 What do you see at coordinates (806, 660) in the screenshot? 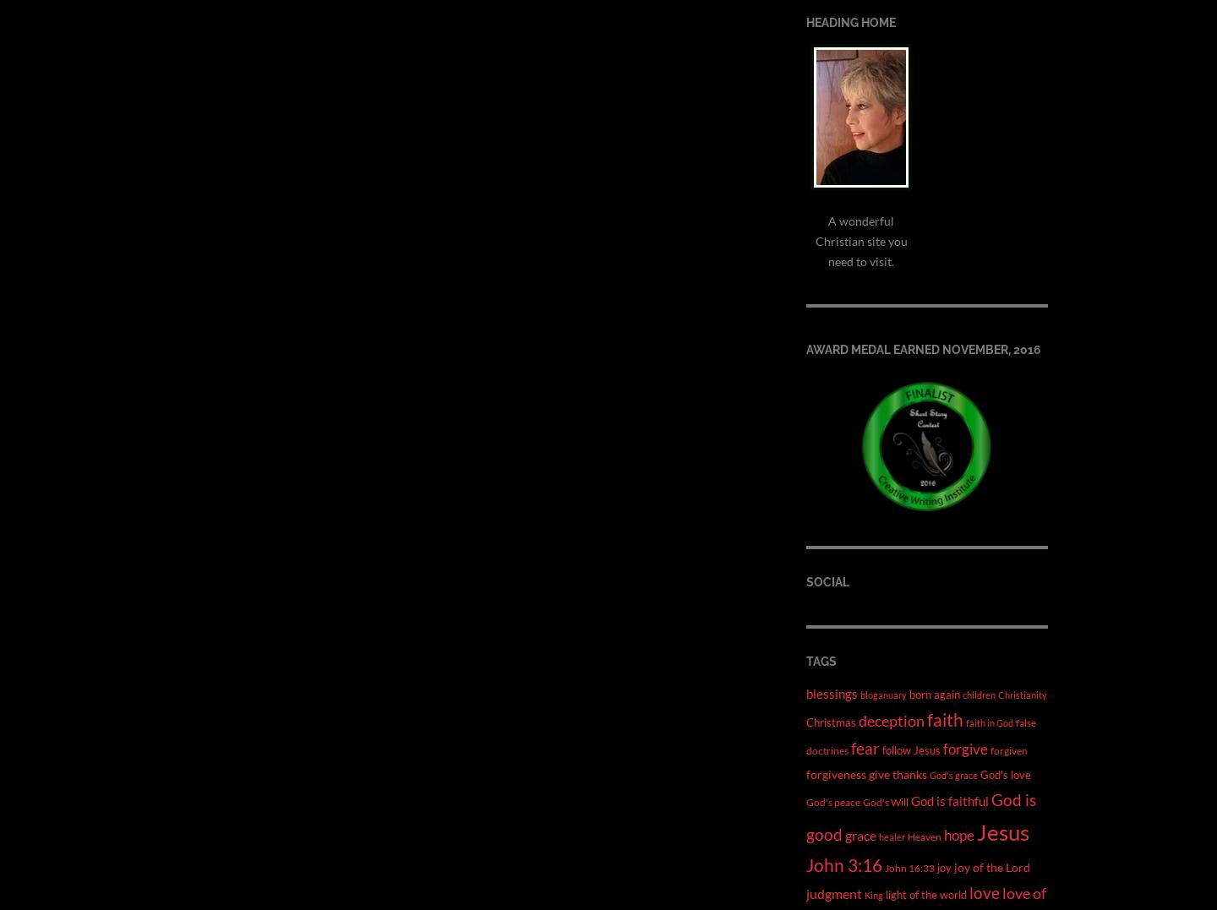
I see `'Tags'` at bounding box center [806, 660].